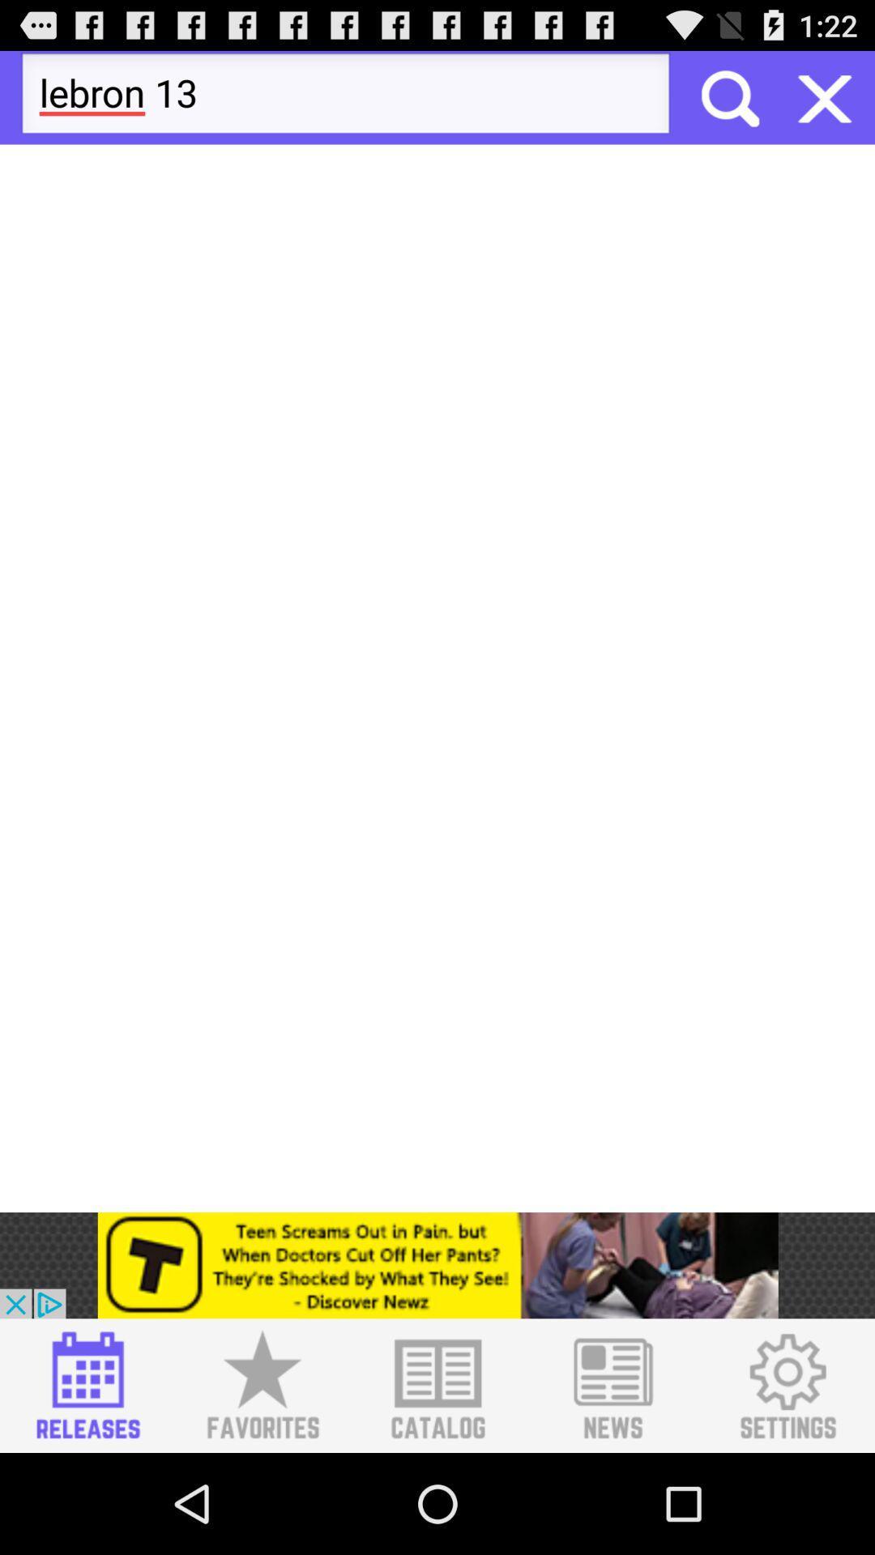 This screenshot has height=1555, width=875. Describe the element at coordinates (825, 96) in the screenshot. I see `button` at that location.